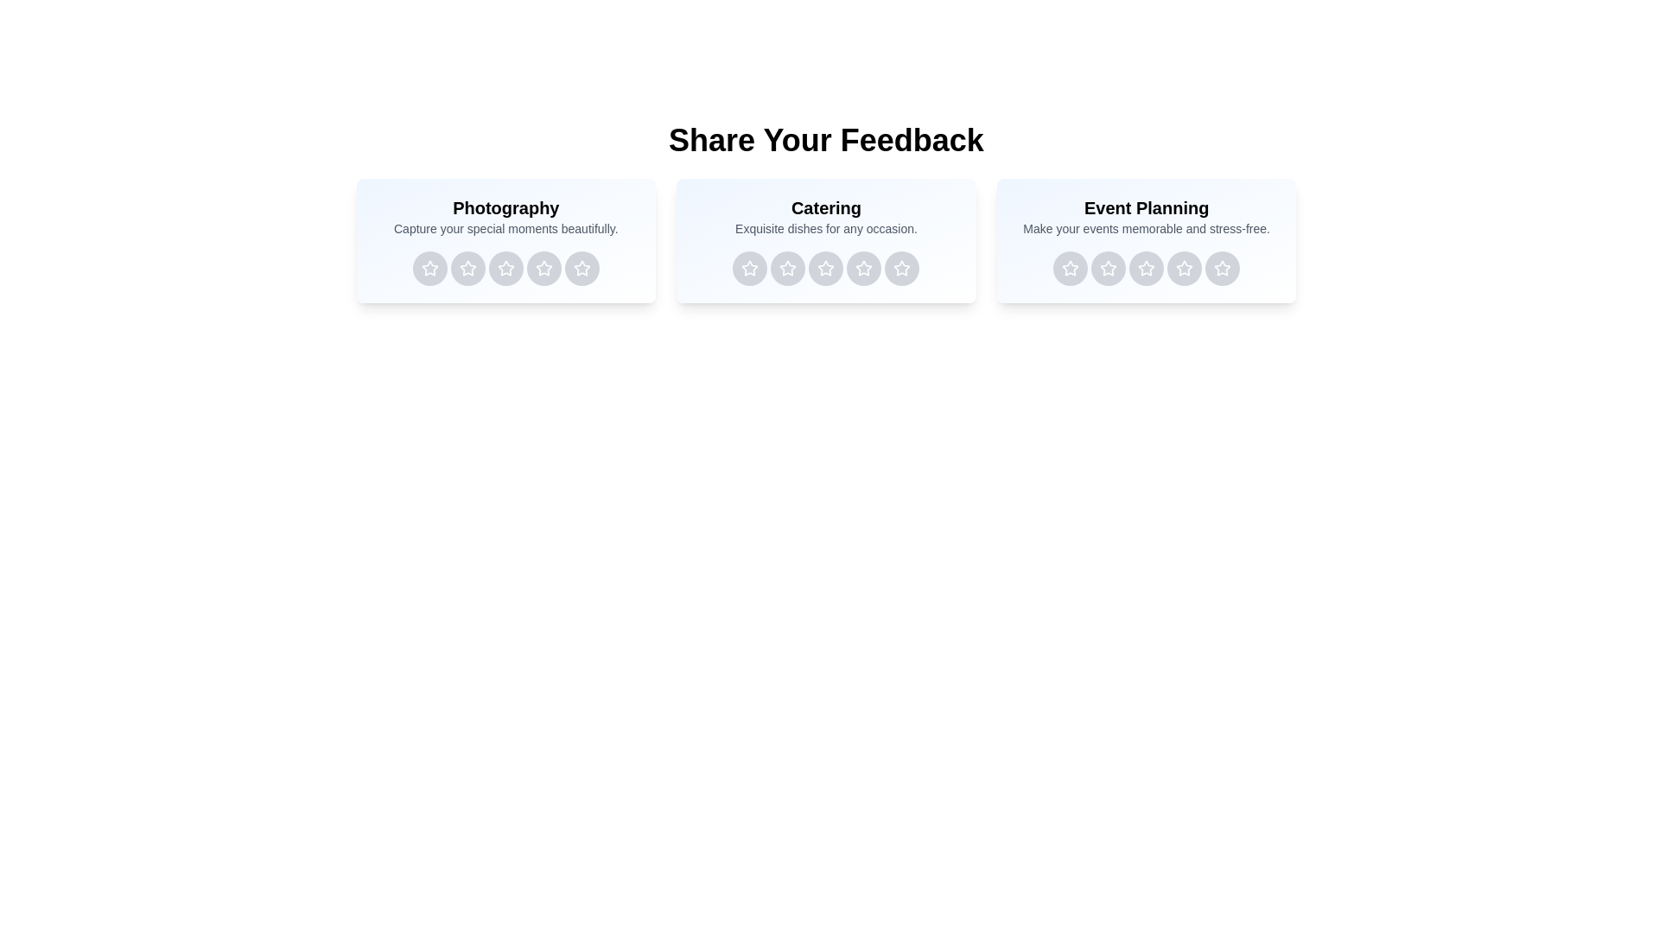 This screenshot has width=1659, height=933. What do you see at coordinates (750, 269) in the screenshot?
I see `the rating button for Catering service with 1 stars` at bounding box center [750, 269].